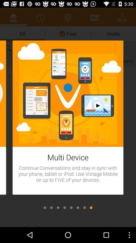  What do you see at coordinates (51, 208) in the screenshot?
I see `move to page 2` at bounding box center [51, 208].